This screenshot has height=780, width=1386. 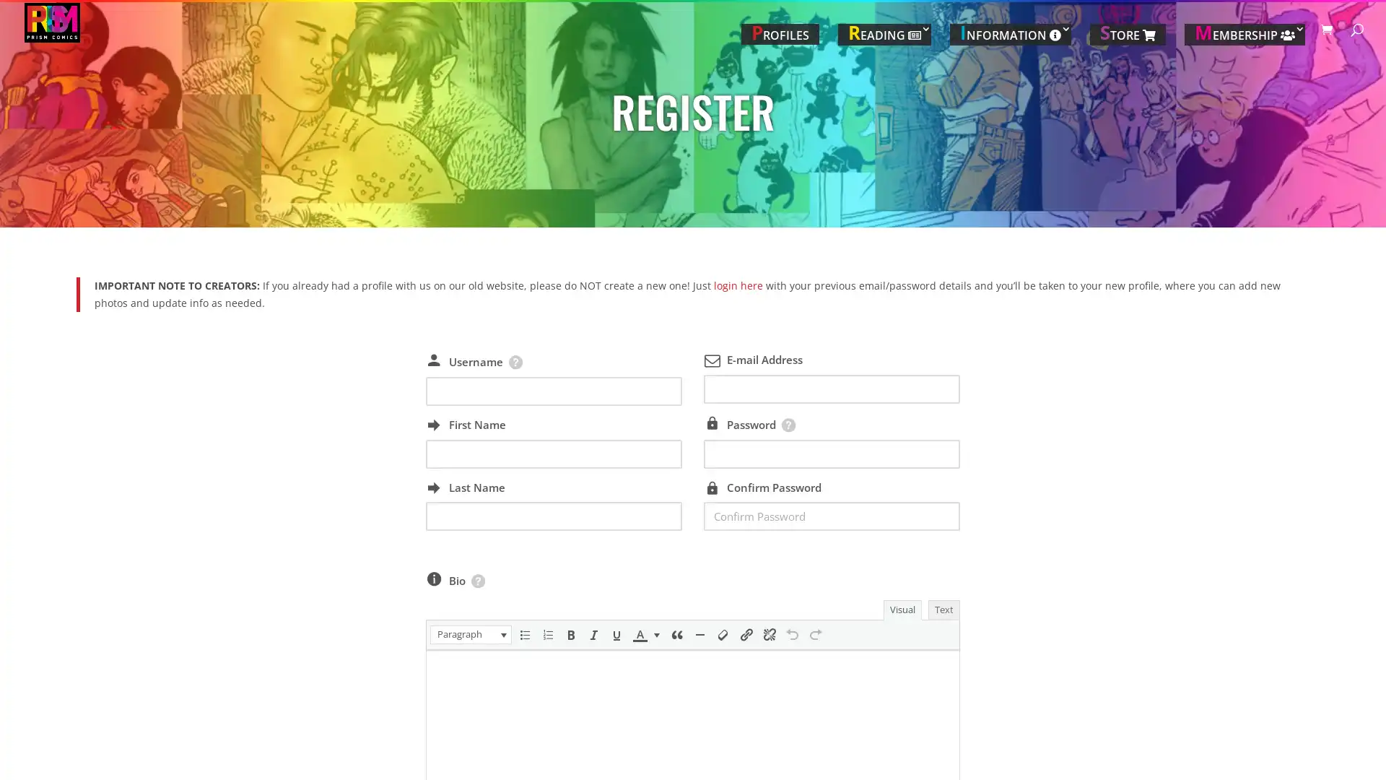 What do you see at coordinates (745, 634) in the screenshot?
I see `Insert/edit link (K)` at bounding box center [745, 634].